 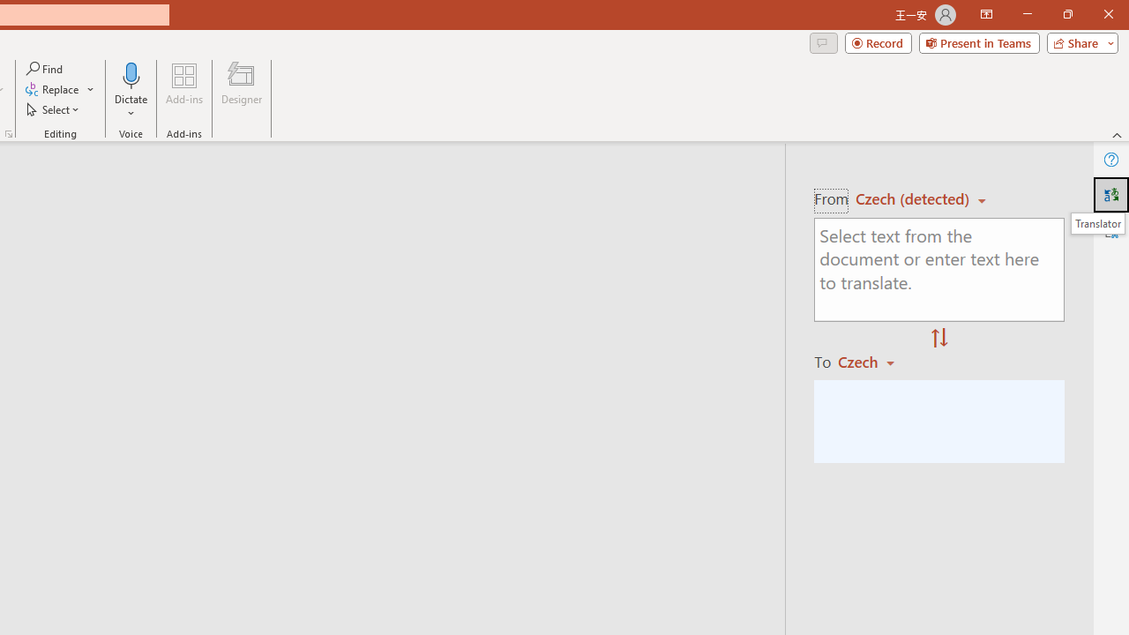 What do you see at coordinates (1066, 14) in the screenshot?
I see `'Restore Down'` at bounding box center [1066, 14].